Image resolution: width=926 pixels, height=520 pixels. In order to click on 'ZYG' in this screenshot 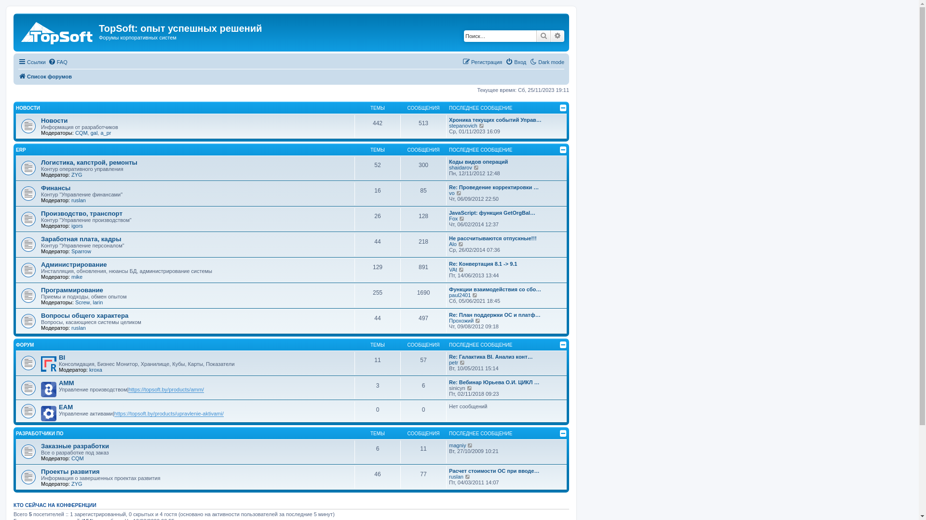, I will do `click(71, 174)`.